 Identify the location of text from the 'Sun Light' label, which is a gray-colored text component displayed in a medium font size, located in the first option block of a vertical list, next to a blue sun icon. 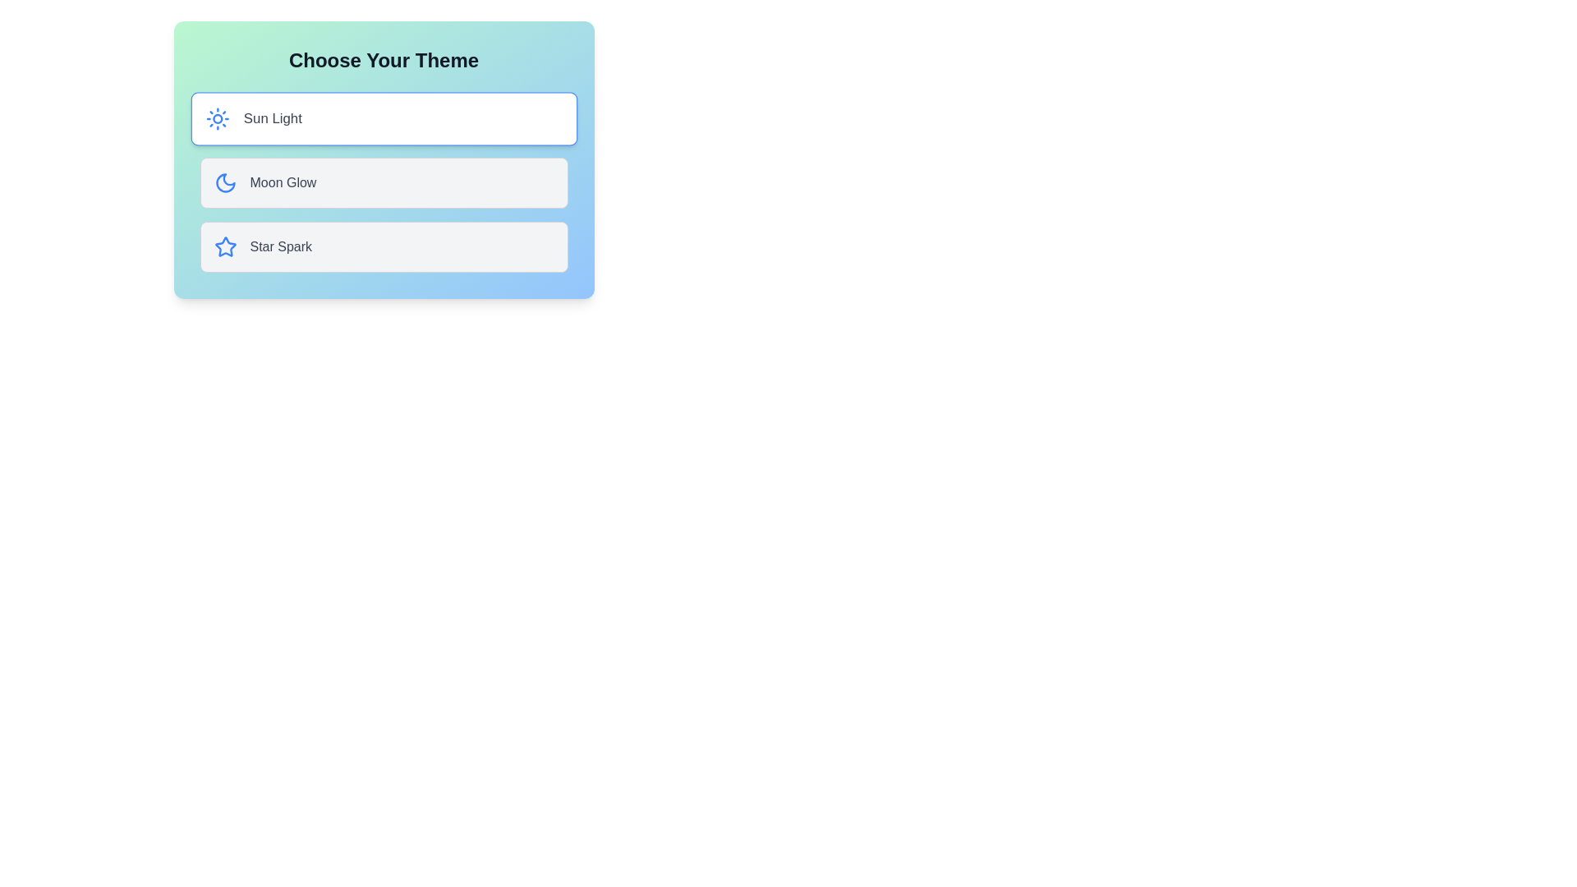
(272, 118).